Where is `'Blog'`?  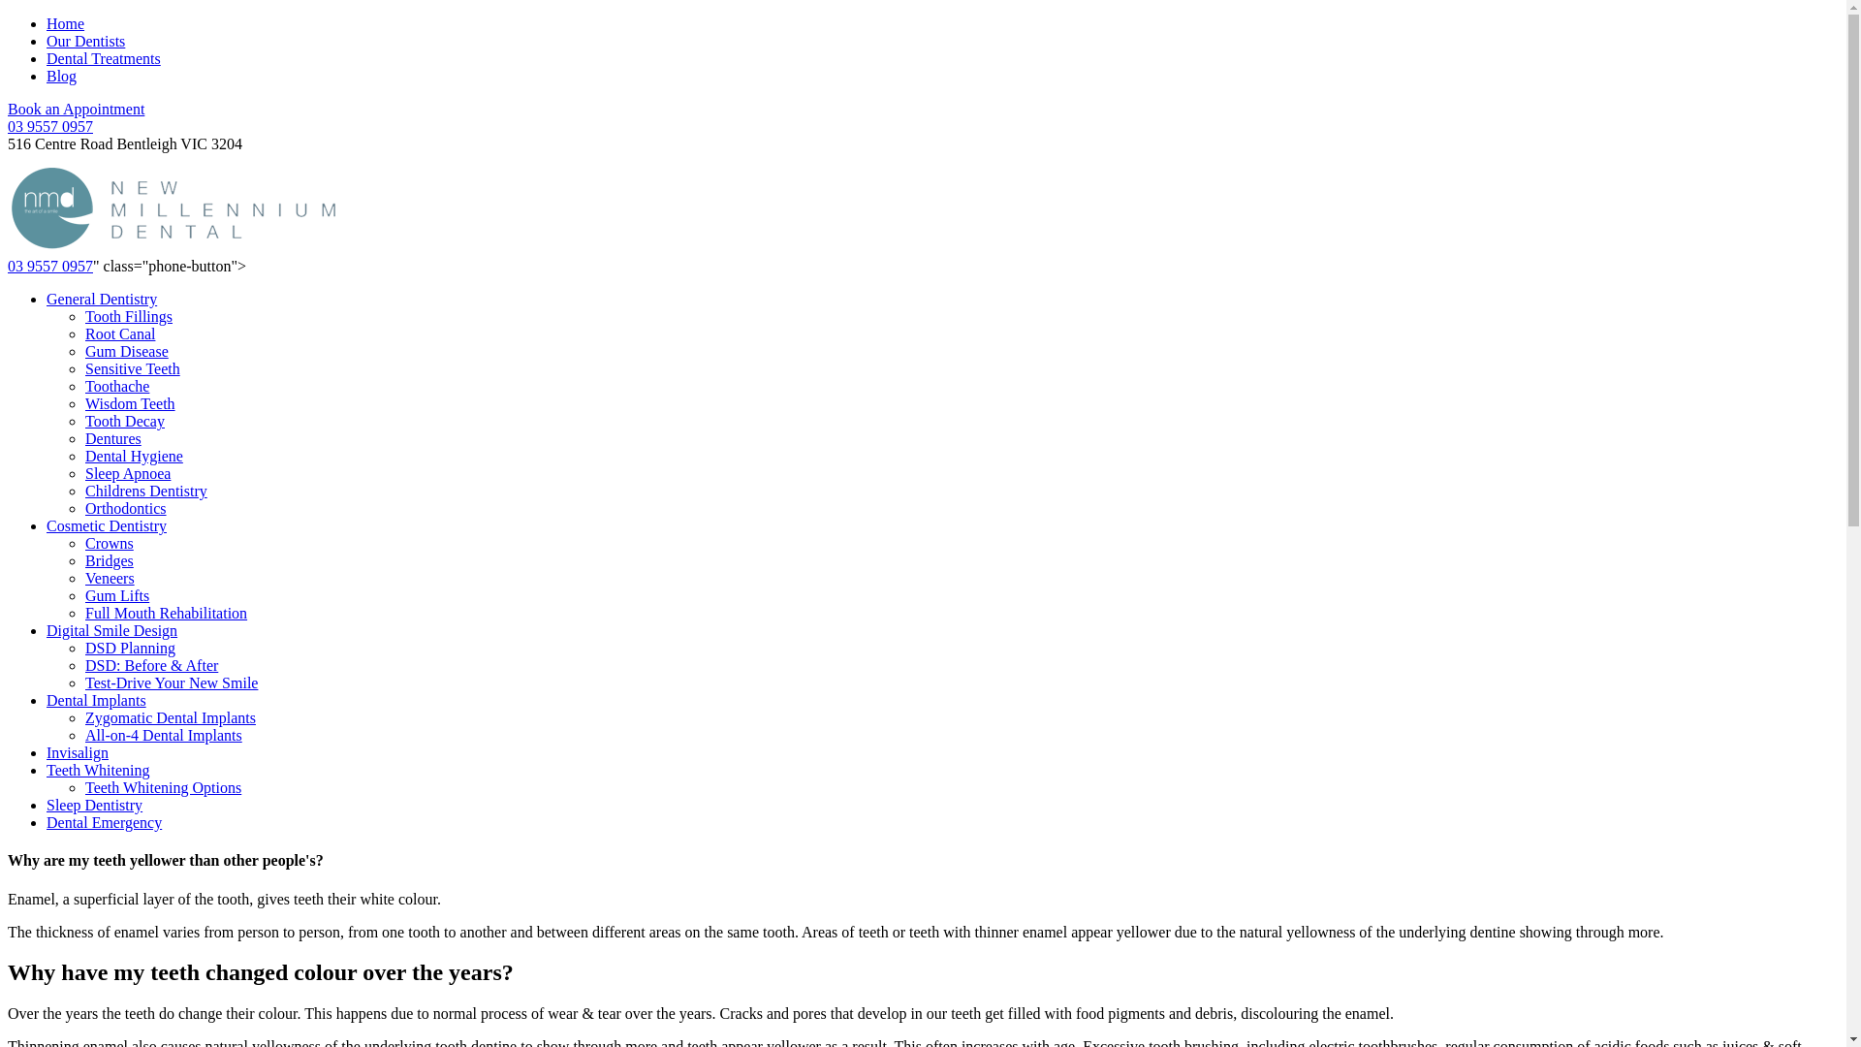 'Blog' is located at coordinates (61, 75).